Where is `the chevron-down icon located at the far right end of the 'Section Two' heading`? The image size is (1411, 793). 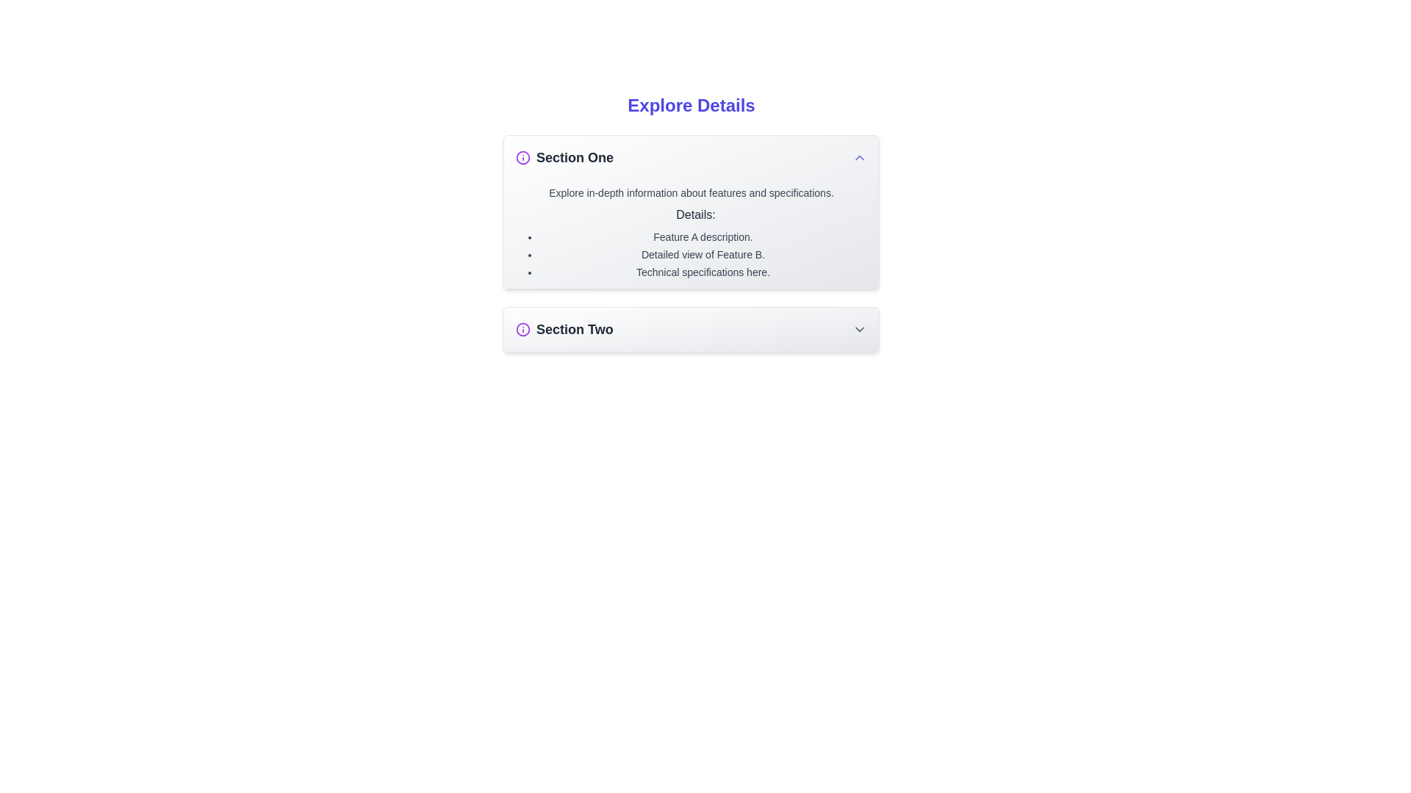
the chevron-down icon located at the far right end of the 'Section Two' heading is located at coordinates (860, 328).